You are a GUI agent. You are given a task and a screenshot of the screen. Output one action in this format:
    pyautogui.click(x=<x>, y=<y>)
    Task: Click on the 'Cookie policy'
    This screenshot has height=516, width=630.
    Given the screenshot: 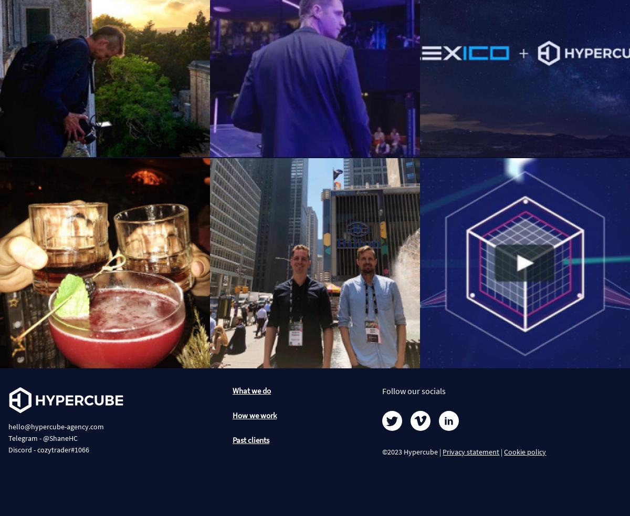 What is the action you would take?
    pyautogui.click(x=524, y=452)
    